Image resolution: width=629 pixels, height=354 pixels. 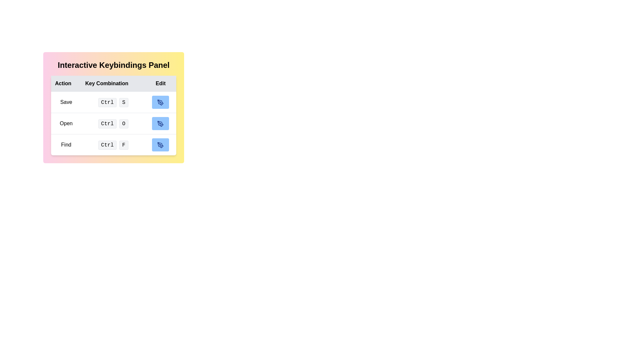 What do you see at coordinates (161, 124) in the screenshot?
I see `the blue rectangular button with rounded corners under the 'Edit' column corresponding to the 'Open' row` at bounding box center [161, 124].